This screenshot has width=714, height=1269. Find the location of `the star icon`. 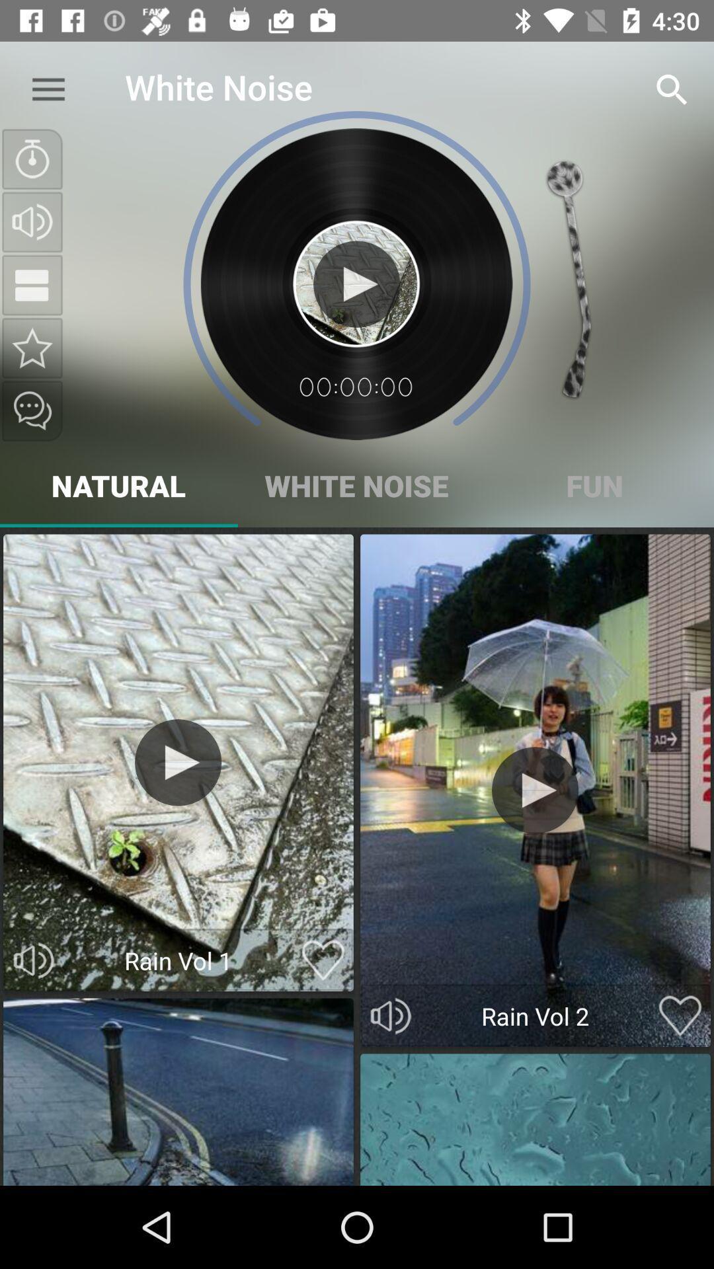

the star icon is located at coordinates (32, 348).